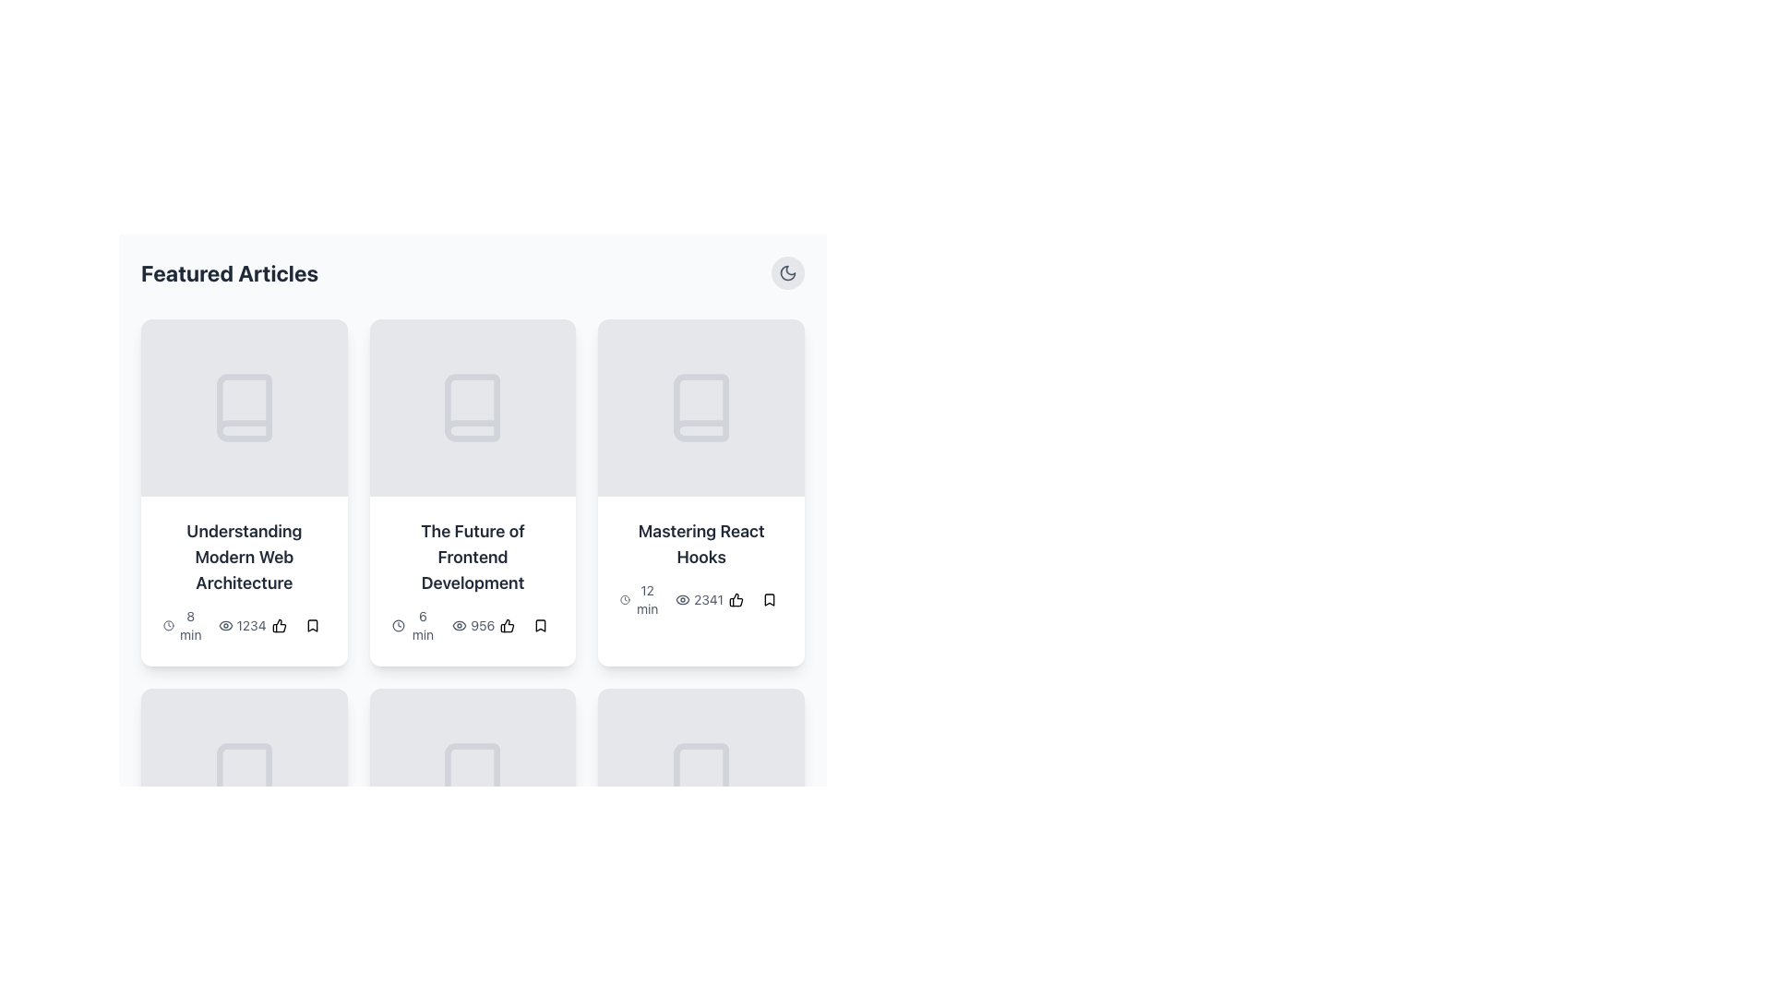 The image size is (1772, 997). What do you see at coordinates (224, 625) in the screenshot?
I see `the visibility icon that indicates the number of views for the 'Understanding Modern Web Architecture' article, located at the top of the numeric portion of its card` at bounding box center [224, 625].